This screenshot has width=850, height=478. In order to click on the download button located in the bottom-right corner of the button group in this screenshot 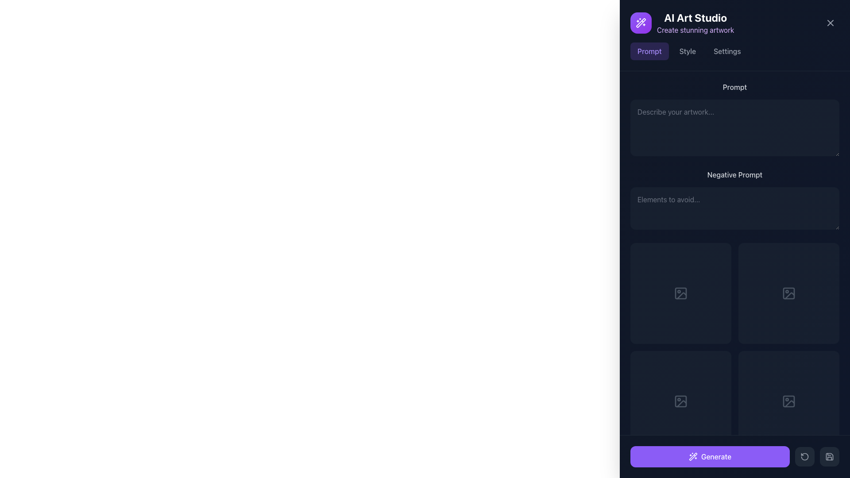, I will do `click(800, 293)`.